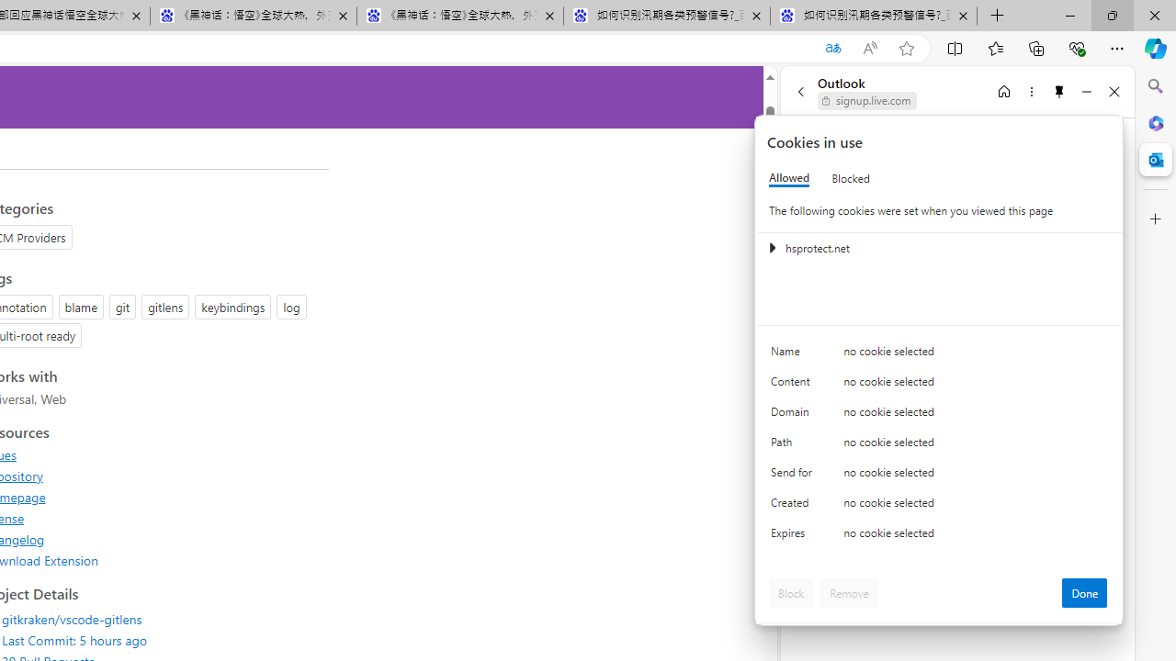 This screenshot has width=1176, height=661. What do you see at coordinates (789, 178) in the screenshot?
I see `'Allowed'` at bounding box center [789, 178].